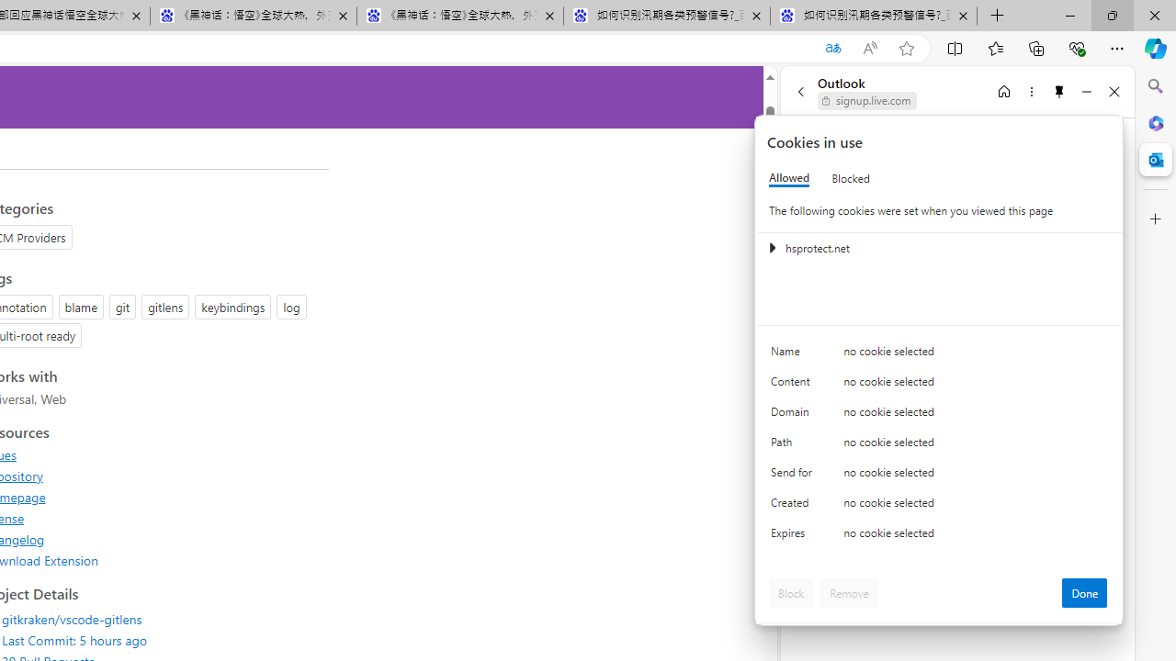 This screenshot has width=1176, height=661. What do you see at coordinates (789, 178) in the screenshot?
I see `'Allowed'` at bounding box center [789, 178].